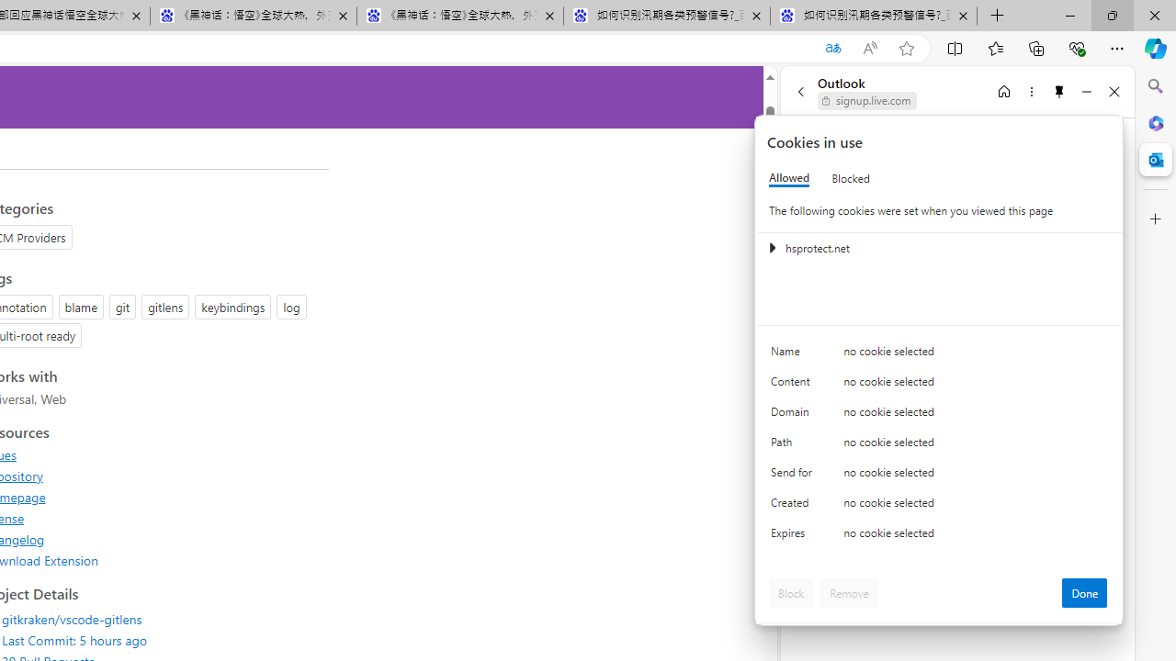 This screenshot has width=1176, height=661. What do you see at coordinates (789, 178) in the screenshot?
I see `'Allowed'` at bounding box center [789, 178].